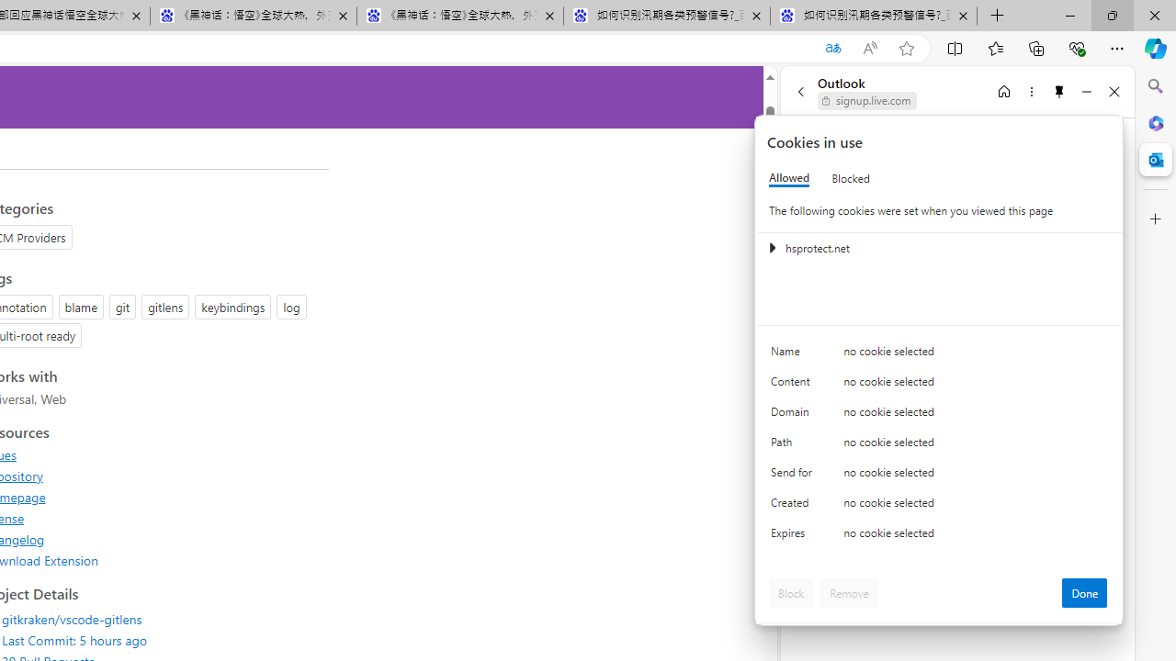 This screenshot has width=1176, height=661. What do you see at coordinates (789, 178) in the screenshot?
I see `'Allowed'` at bounding box center [789, 178].